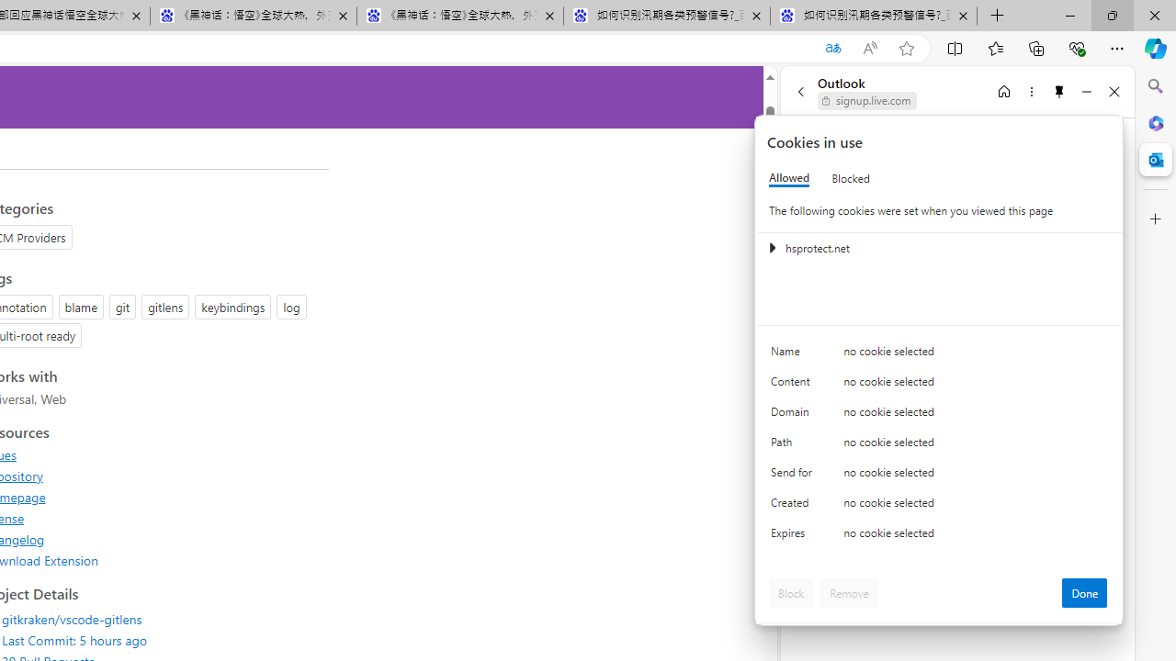 This screenshot has width=1176, height=661. What do you see at coordinates (789, 178) in the screenshot?
I see `'Allowed'` at bounding box center [789, 178].